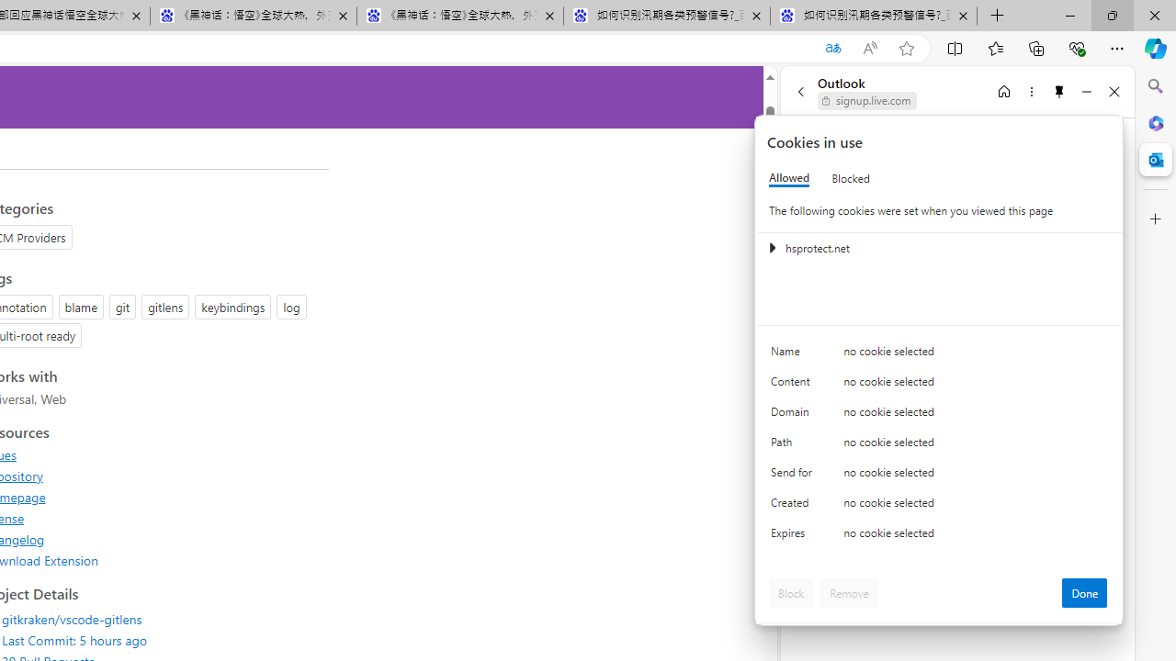 This screenshot has width=1176, height=661. What do you see at coordinates (789, 178) in the screenshot?
I see `'Allowed'` at bounding box center [789, 178].